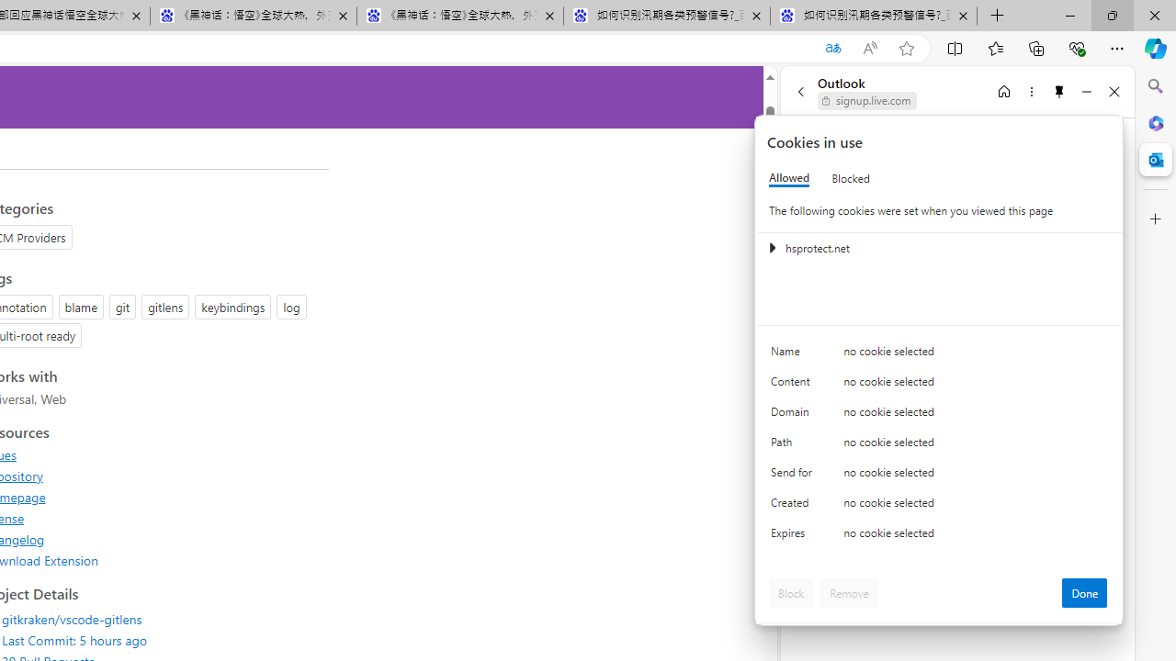 This screenshot has width=1176, height=661. What do you see at coordinates (789, 178) in the screenshot?
I see `'Allowed'` at bounding box center [789, 178].